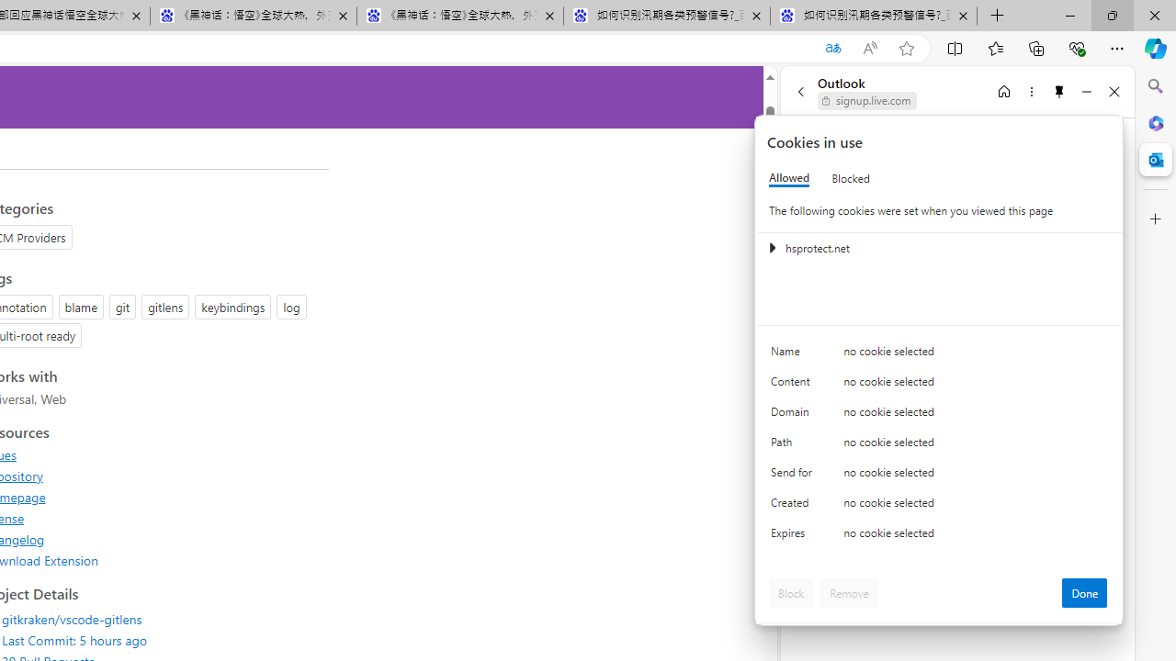 This screenshot has width=1176, height=661. What do you see at coordinates (789, 178) in the screenshot?
I see `'Allowed'` at bounding box center [789, 178].